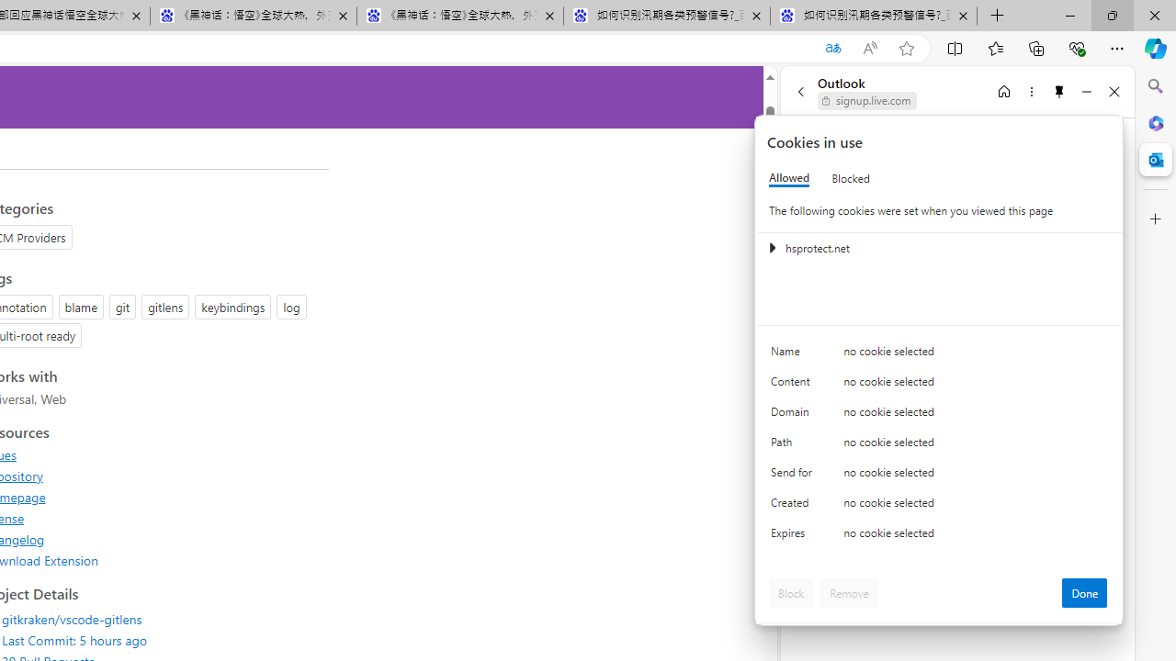 This screenshot has width=1176, height=661. What do you see at coordinates (789, 178) in the screenshot?
I see `'Allowed'` at bounding box center [789, 178].